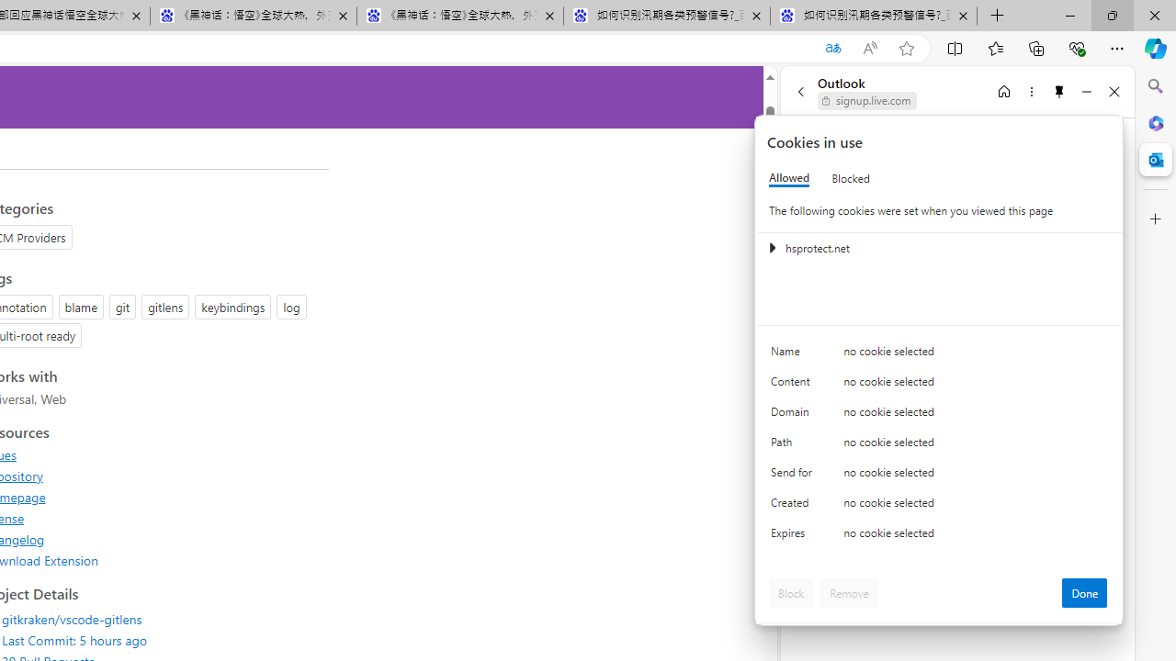 This screenshot has width=1176, height=661. What do you see at coordinates (789, 178) in the screenshot?
I see `'Allowed'` at bounding box center [789, 178].